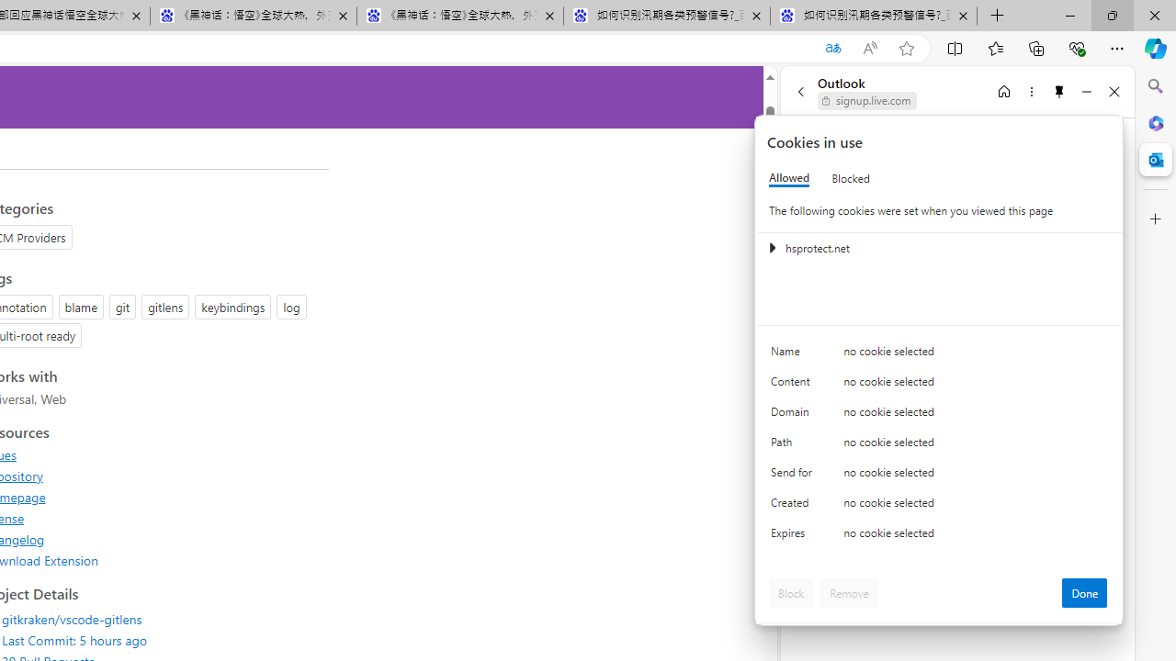 This screenshot has width=1176, height=661. What do you see at coordinates (789, 178) in the screenshot?
I see `'Allowed'` at bounding box center [789, 178].